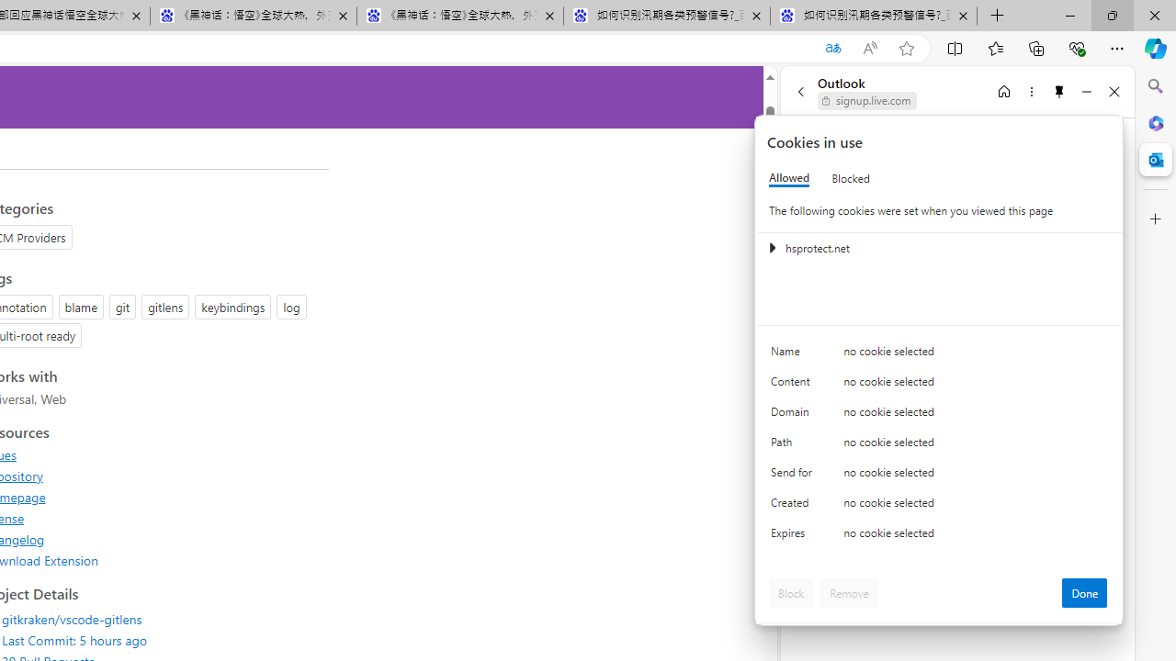 This screenshot has width=1176, height=661. What do you see at coordinates (789, 178) in the screenshot?
I see `'Allowed'` at bounding box center [789, 178].